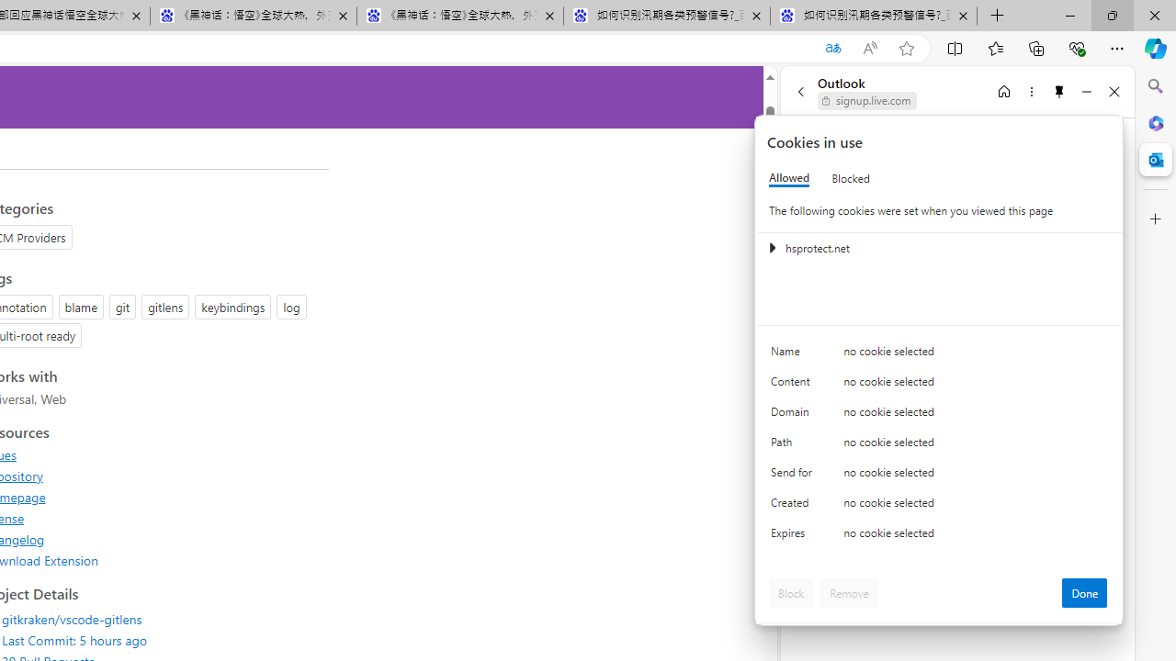 This screenshot has width=1176, height=661. What do you see at coordinates (789, 178) in the screenshot?
I see `'Allowed'` at bounding box center [789, 178].